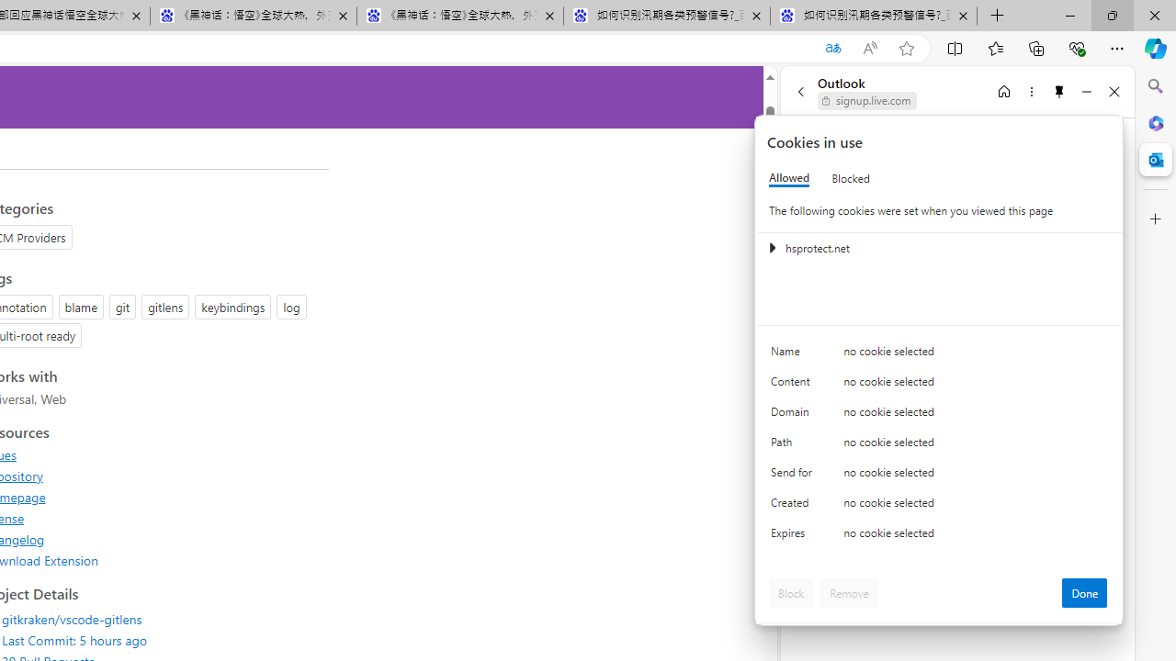 This screenshot has width=1176, height=661. What do you see at coordinates (789, 178) in the screenshot?
I see `'Allowed'` at bounding box center [789, 178].